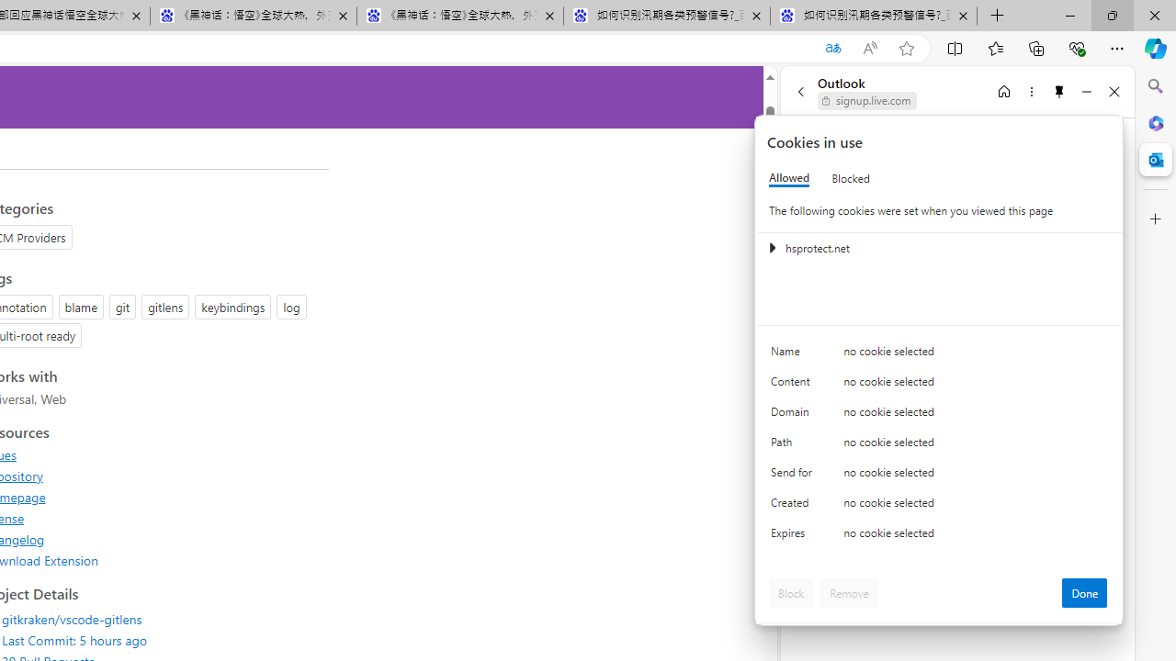 This screenshot has width=1176, height=661. What do you see at coordinates (789, 178) in the screenshot?
I see `'Allowed'` at bounding box center [789, 178].